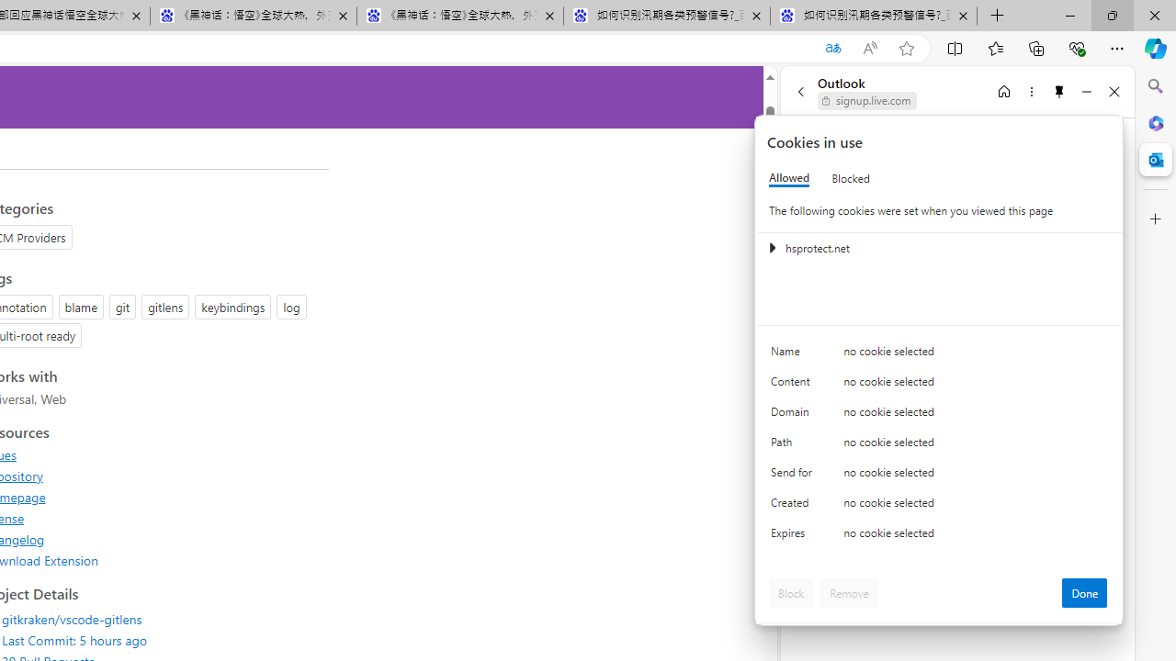 This screenshot has width=1176, height=661. What do you see at coordinates (789, 178) in the screenshot?
I see `'Allowed'` at bounding box center [789, 178].